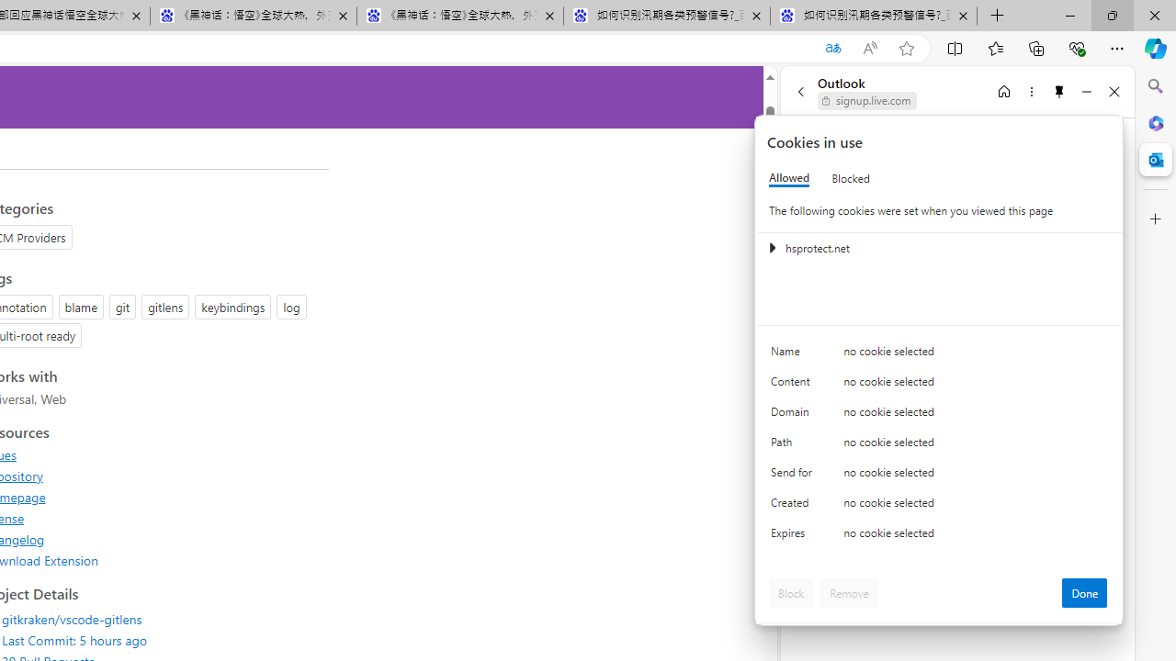 This screenshot has width=1176, height=661. What do you see at coordinates (789, 178) in the screenshot?
I see `'Allowed'` at bounding box center [789, 178].